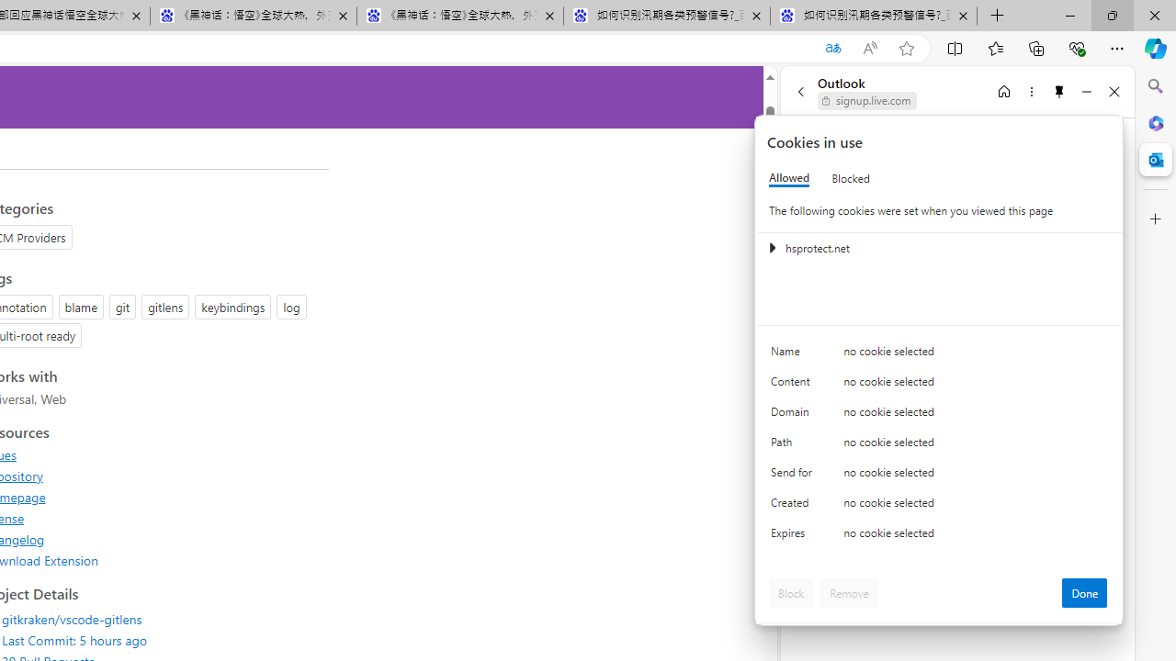 This screenshot has width=1176, height=661. What do you see at coordinates (789, 178) in the screenshot?
I see `'Allowed'` at bounding box center [789, 178].